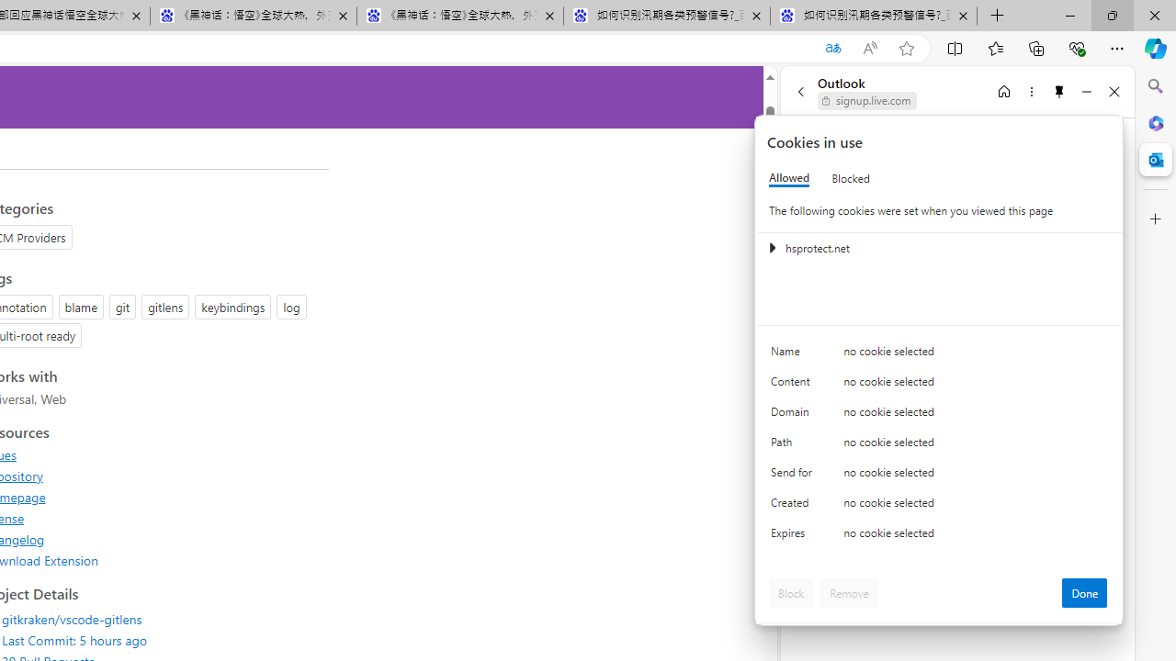 This screenshot has width=1176, height=661. What do you see at coordinates (789, 178) in the screenshot?
I see `'Allowed'` at bounding box center [789, 178].